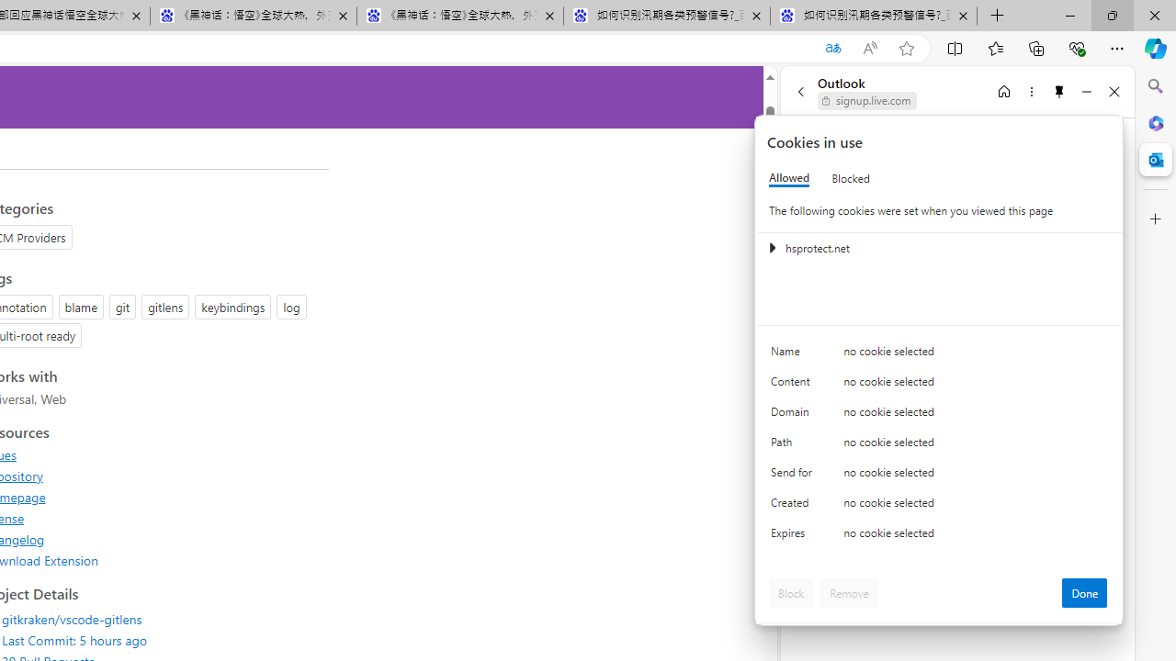 This screenshot has width=1176, height=661. What do you see at coordinates (789, 178) in the screenshot?
I see `'Allowed'` at bounding box center [789, 178].